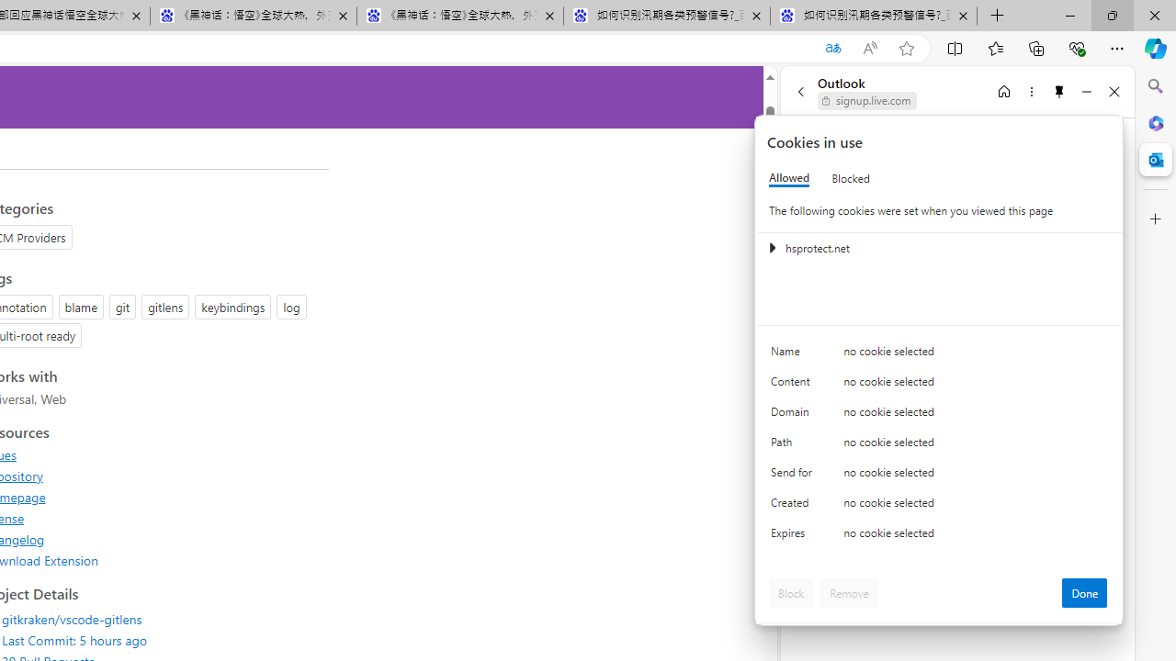 This screenshot has width=1176, height=661. What do you see at coordinates (789, 178) in the screenshot?
I see `'Allowed'` at bounding box center [789, 178].